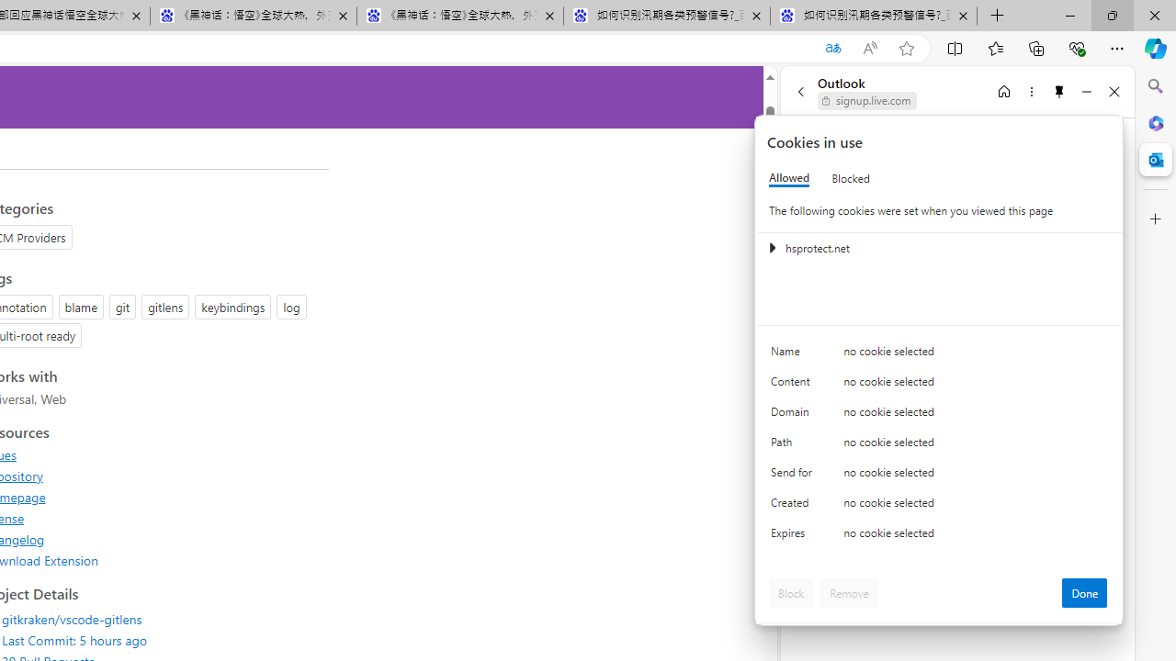 This screenshot has width=1176, height=661. What do you see at coordinates (789, 178) in the screenshot?
I see `'Allowed'` at bounding box center [789, 178].